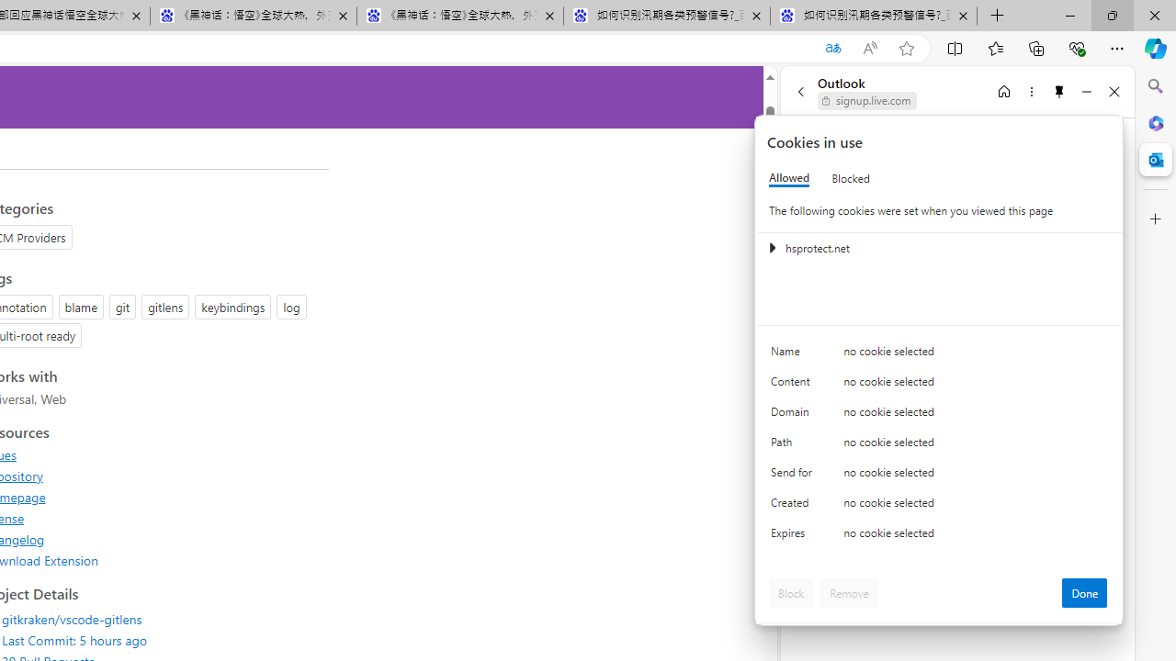 This screenshot has width=1176, height=661. What do you see at coordinates (789, 178) in the screenshot?
I see `'Allowed'` at bounding box center [789, 178].